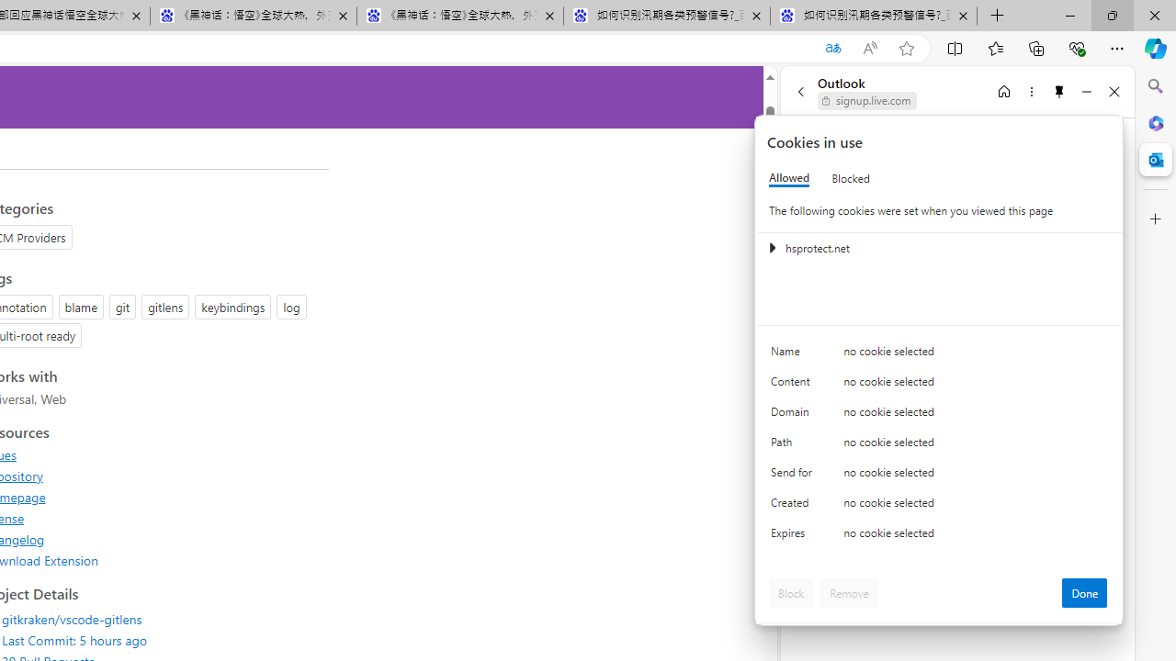 This screenshot has width=1176, height=661. What do you see at coordinates (789, 178) in the screenshot?
I see `'Allowed'` at bounding box center [789, 178].